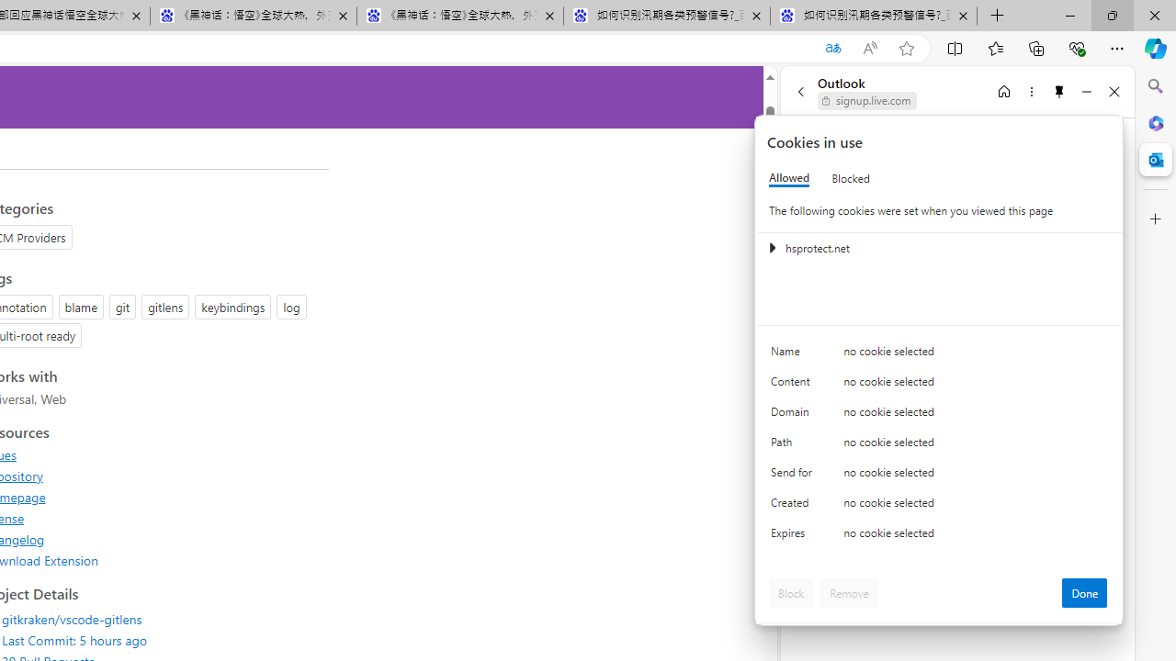 This screenshot has width=1176, height=661. What do you see at coordinates (789, 178) in the screenshot?
I see `'Allowed'` at bounding box center [789, 178].